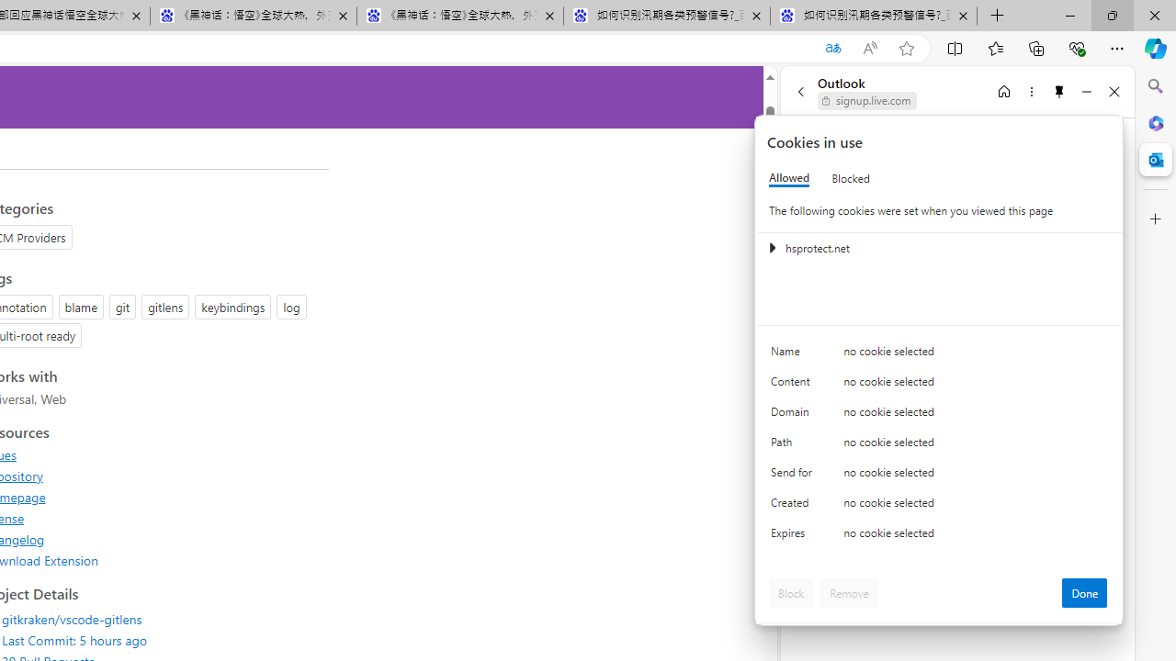 This screenshot has width=1176, height=661. What do you see at coordinates (789, 178) in the screenshot?
I see `'Allowed'` at bounding box center [789, 178].